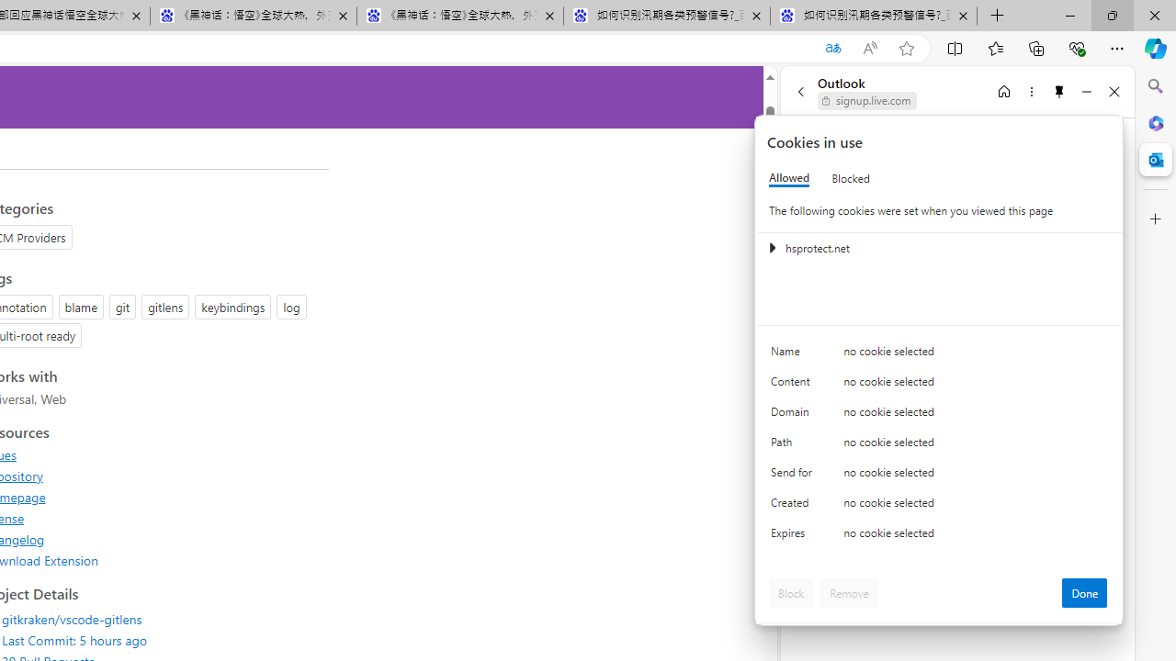 This screenshot has width=1176, height=661. What do you see at coordinates (789, 178) in the screenshot?
I see `'Allowed'` at bounding box center [789, 178].